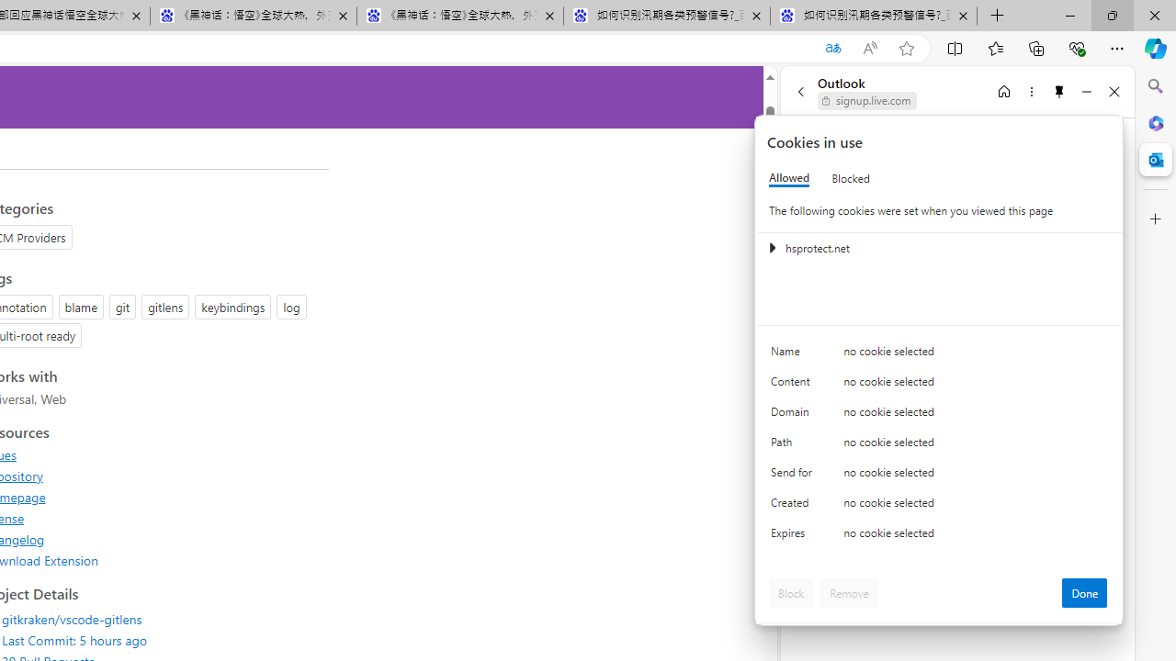 This screenshot has width=1176, height=661. What do you see at coordinates (789, 178) in the screenshot?
I see `'Allowed'` at bounding box center [789, 178].